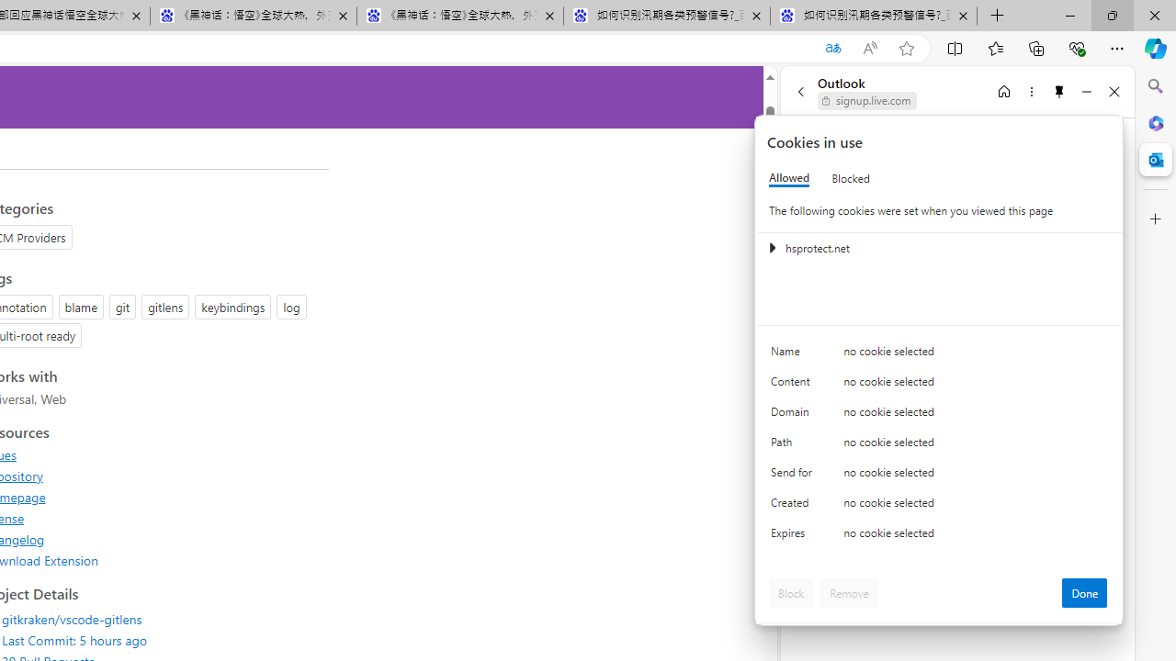 This screenshot has width=1176, height=661. What do you see at coordinates (789, 178) in the screenshot?
I see `'Allowed'` at bounding box center [789, 178].